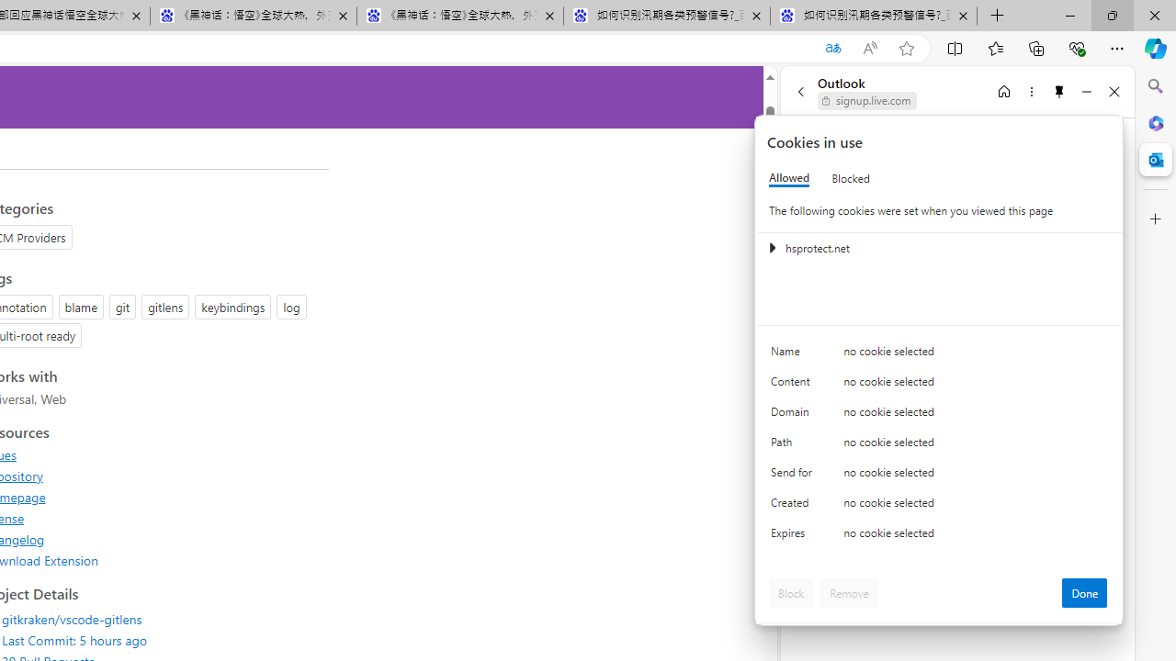 This screenshot has width=1176, height=661. What do you see at coordinates (789, 178) in the screenshot?
I see `'Allowed'` at bounding box center [789, 178].